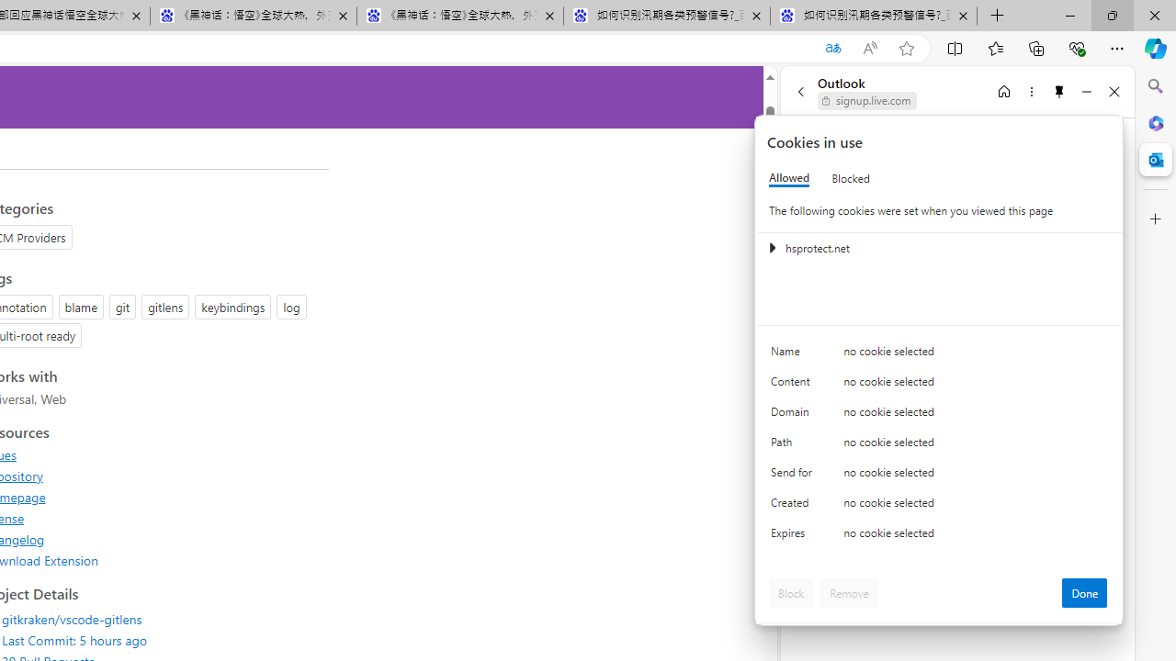 This screenshot has width=1176, height=661. What do you see at coordinates (789, 178) in the screenshot?
I see `'Allowed'` at bounding box center [789, 178].